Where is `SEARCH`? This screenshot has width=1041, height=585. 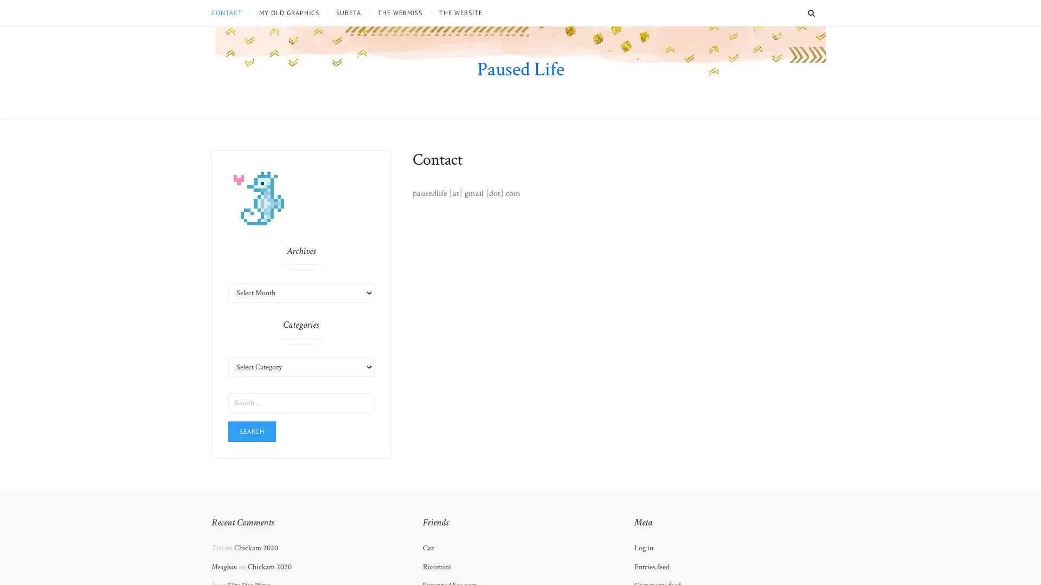 SEARCH is located at coordinates (822, 12).